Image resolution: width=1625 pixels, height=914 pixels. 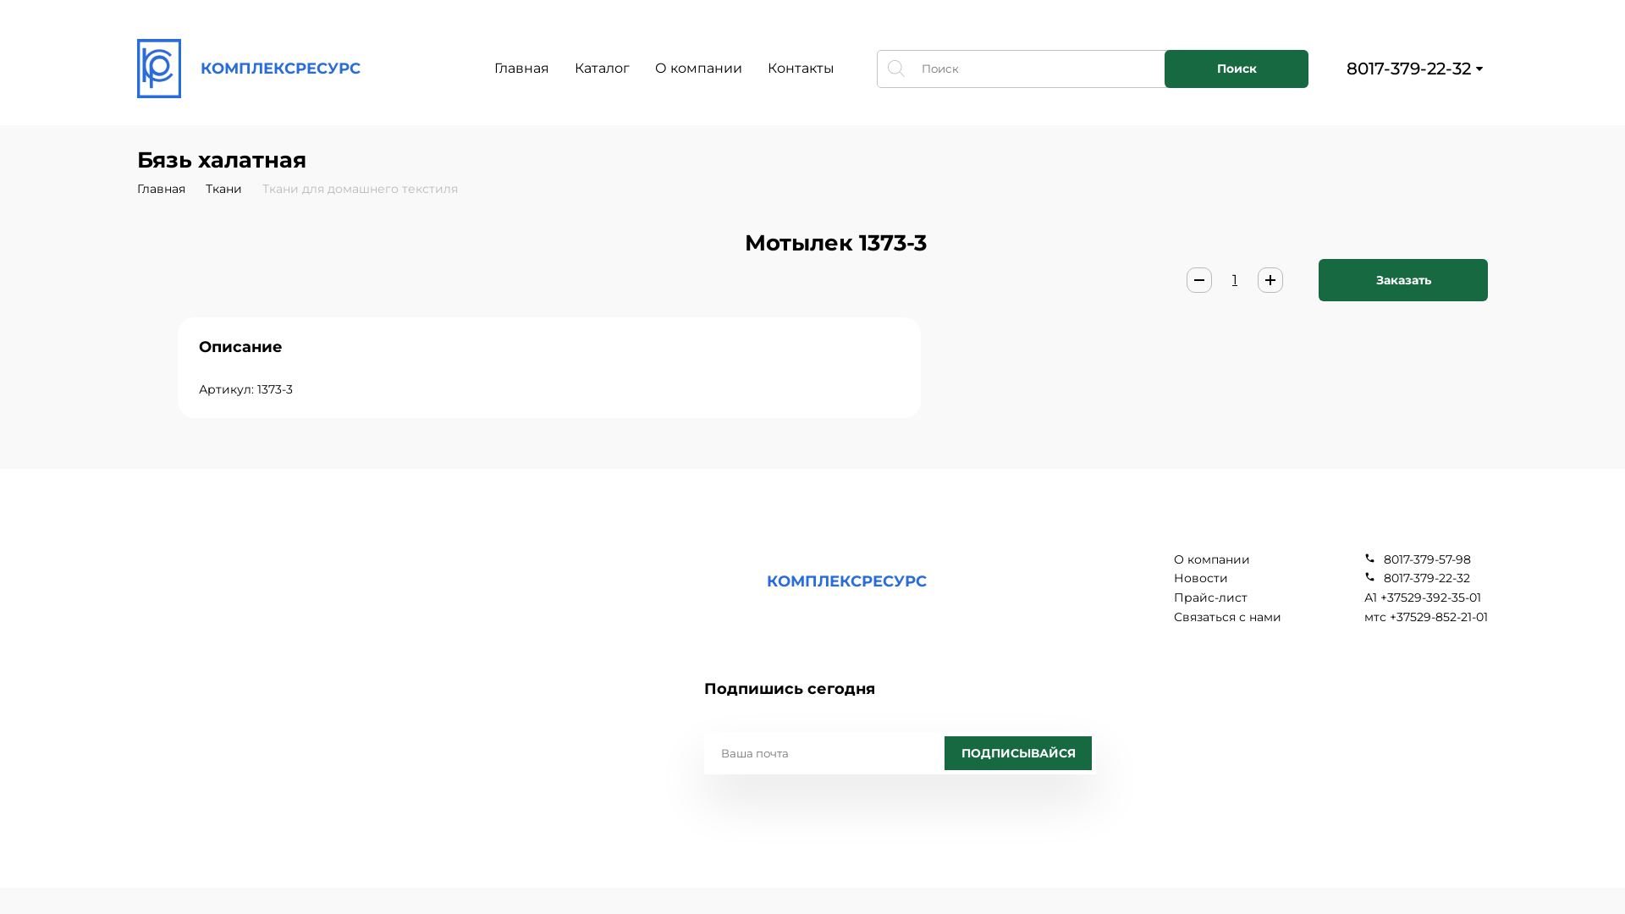 I want to click on '8017-379-57-98', so click(x=1424, y=559).